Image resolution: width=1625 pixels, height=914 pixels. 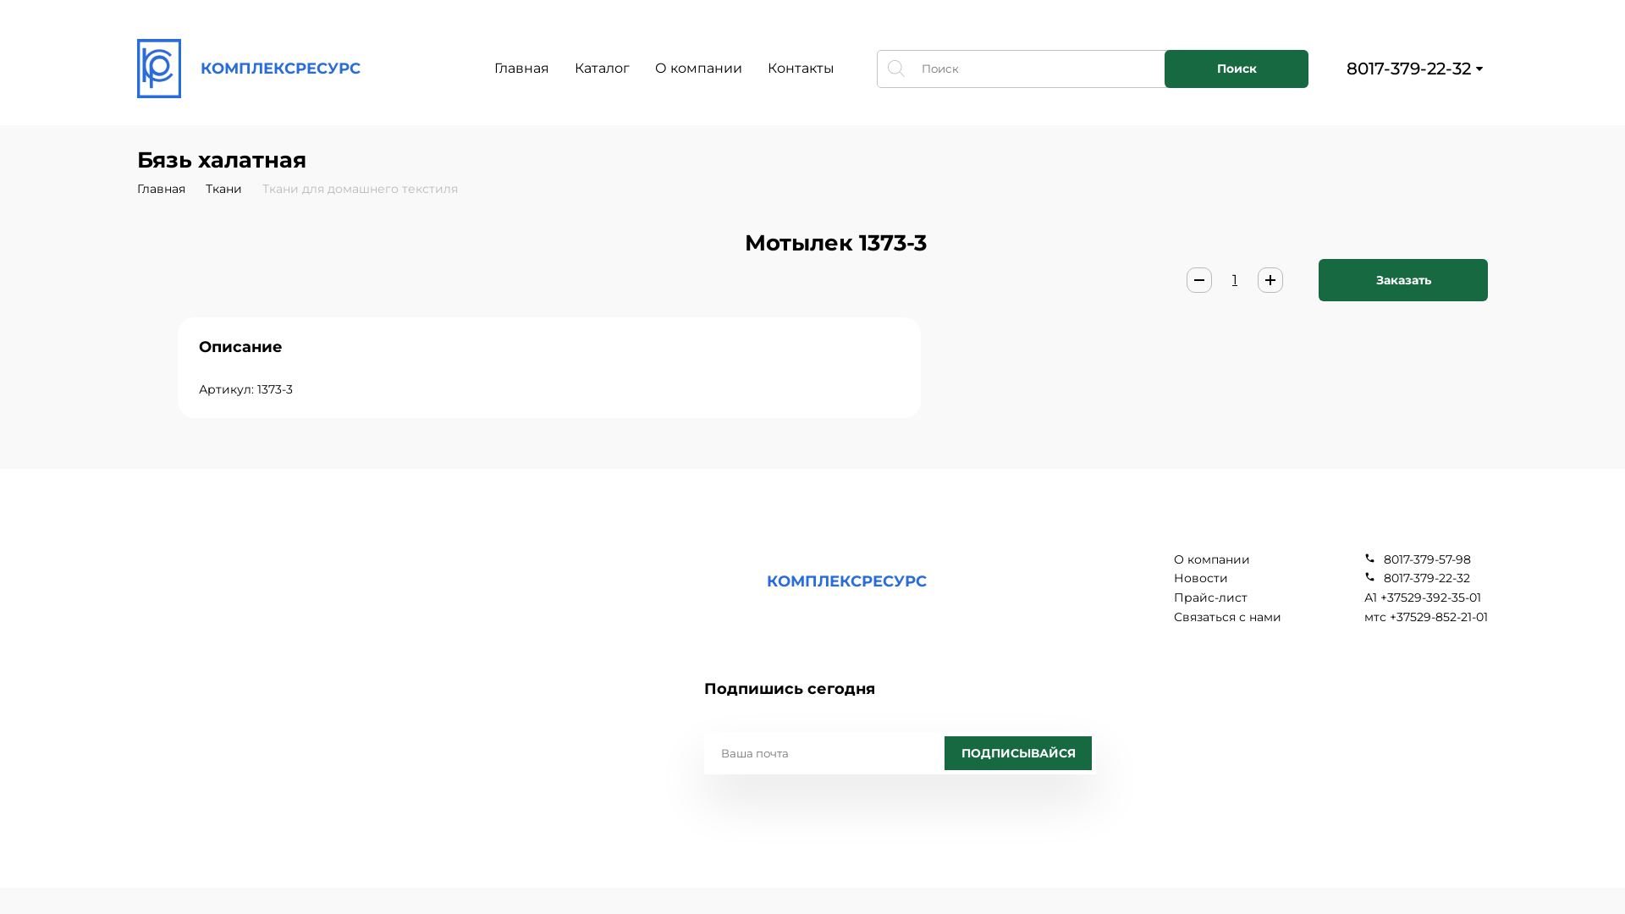 I want to click on '8017-379-57-98', so click(x=1424, y=559).